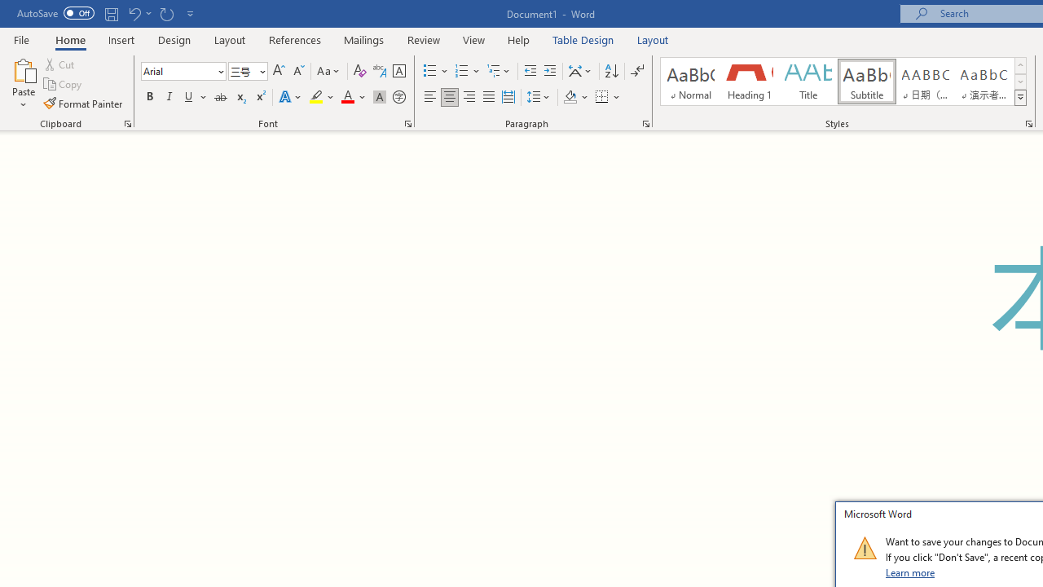 Image resolution: width=1043 pixels, height=587 pixels. What do you see at coordinates (149, 97) in the screenshot?
I see `'Bold'` at bounding box center [149, 97].